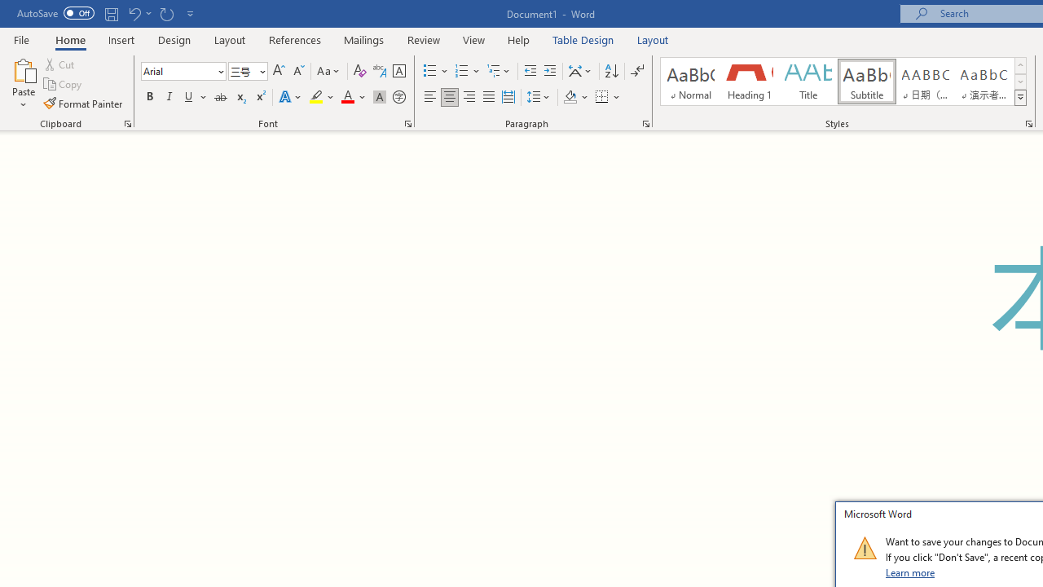 Image resolution: width=1043 pixels, height=587 pixels. What do you see at coordinates (149, 97) in the screenshot?
I see `'Bold'` at bounding box center [149, 97].